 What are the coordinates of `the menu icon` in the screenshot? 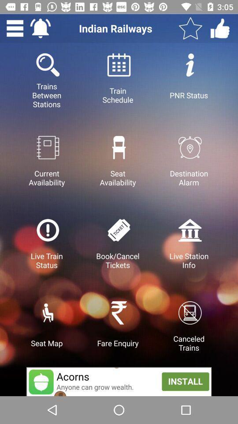 It's located at (15, 28).